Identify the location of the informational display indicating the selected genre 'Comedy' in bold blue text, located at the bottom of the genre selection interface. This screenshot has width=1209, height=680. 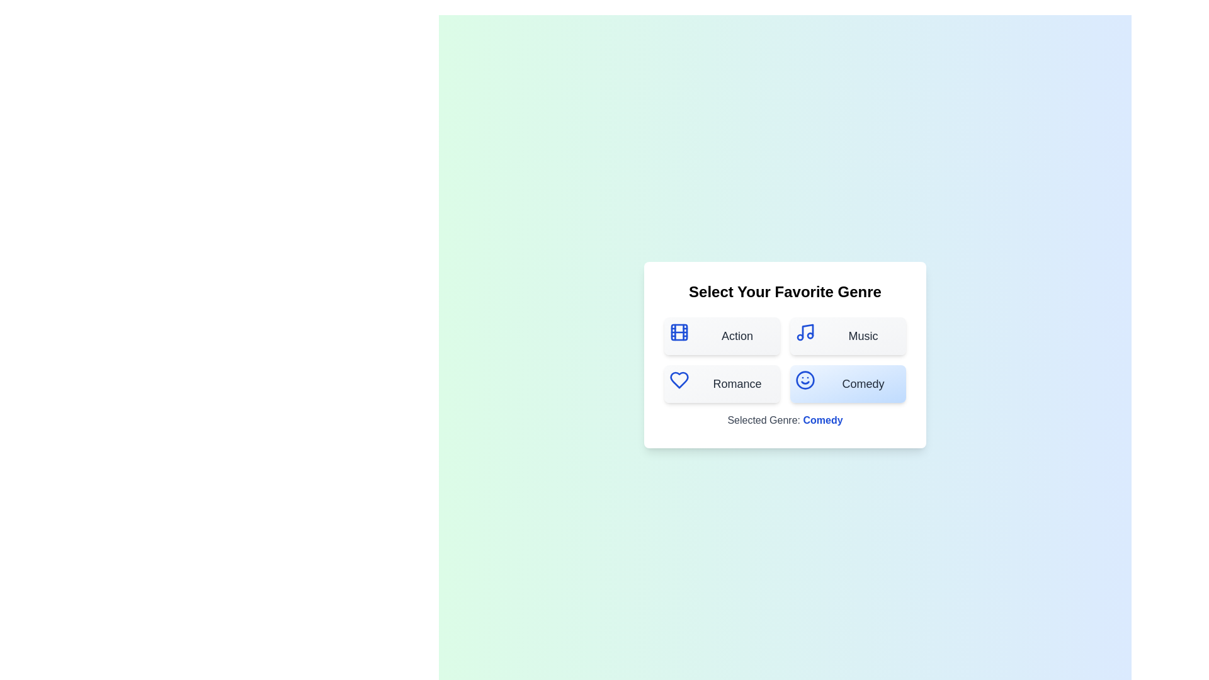
(785, 420).